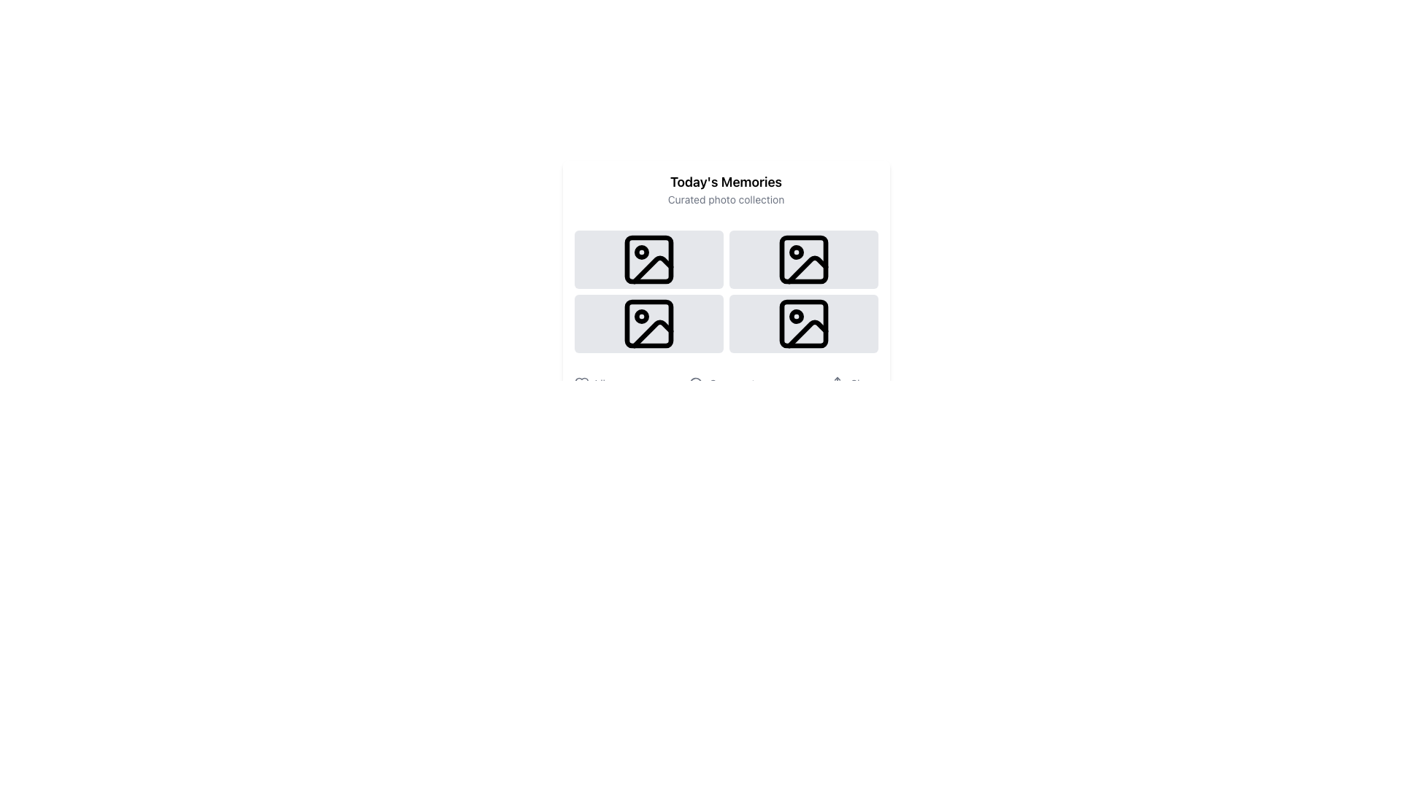  What do you see at coordinates (721, 382) in the screenshot?
I see `the 'Comment' button, which is the second button in a horizontal group of three` at bounding box center [721, 382].